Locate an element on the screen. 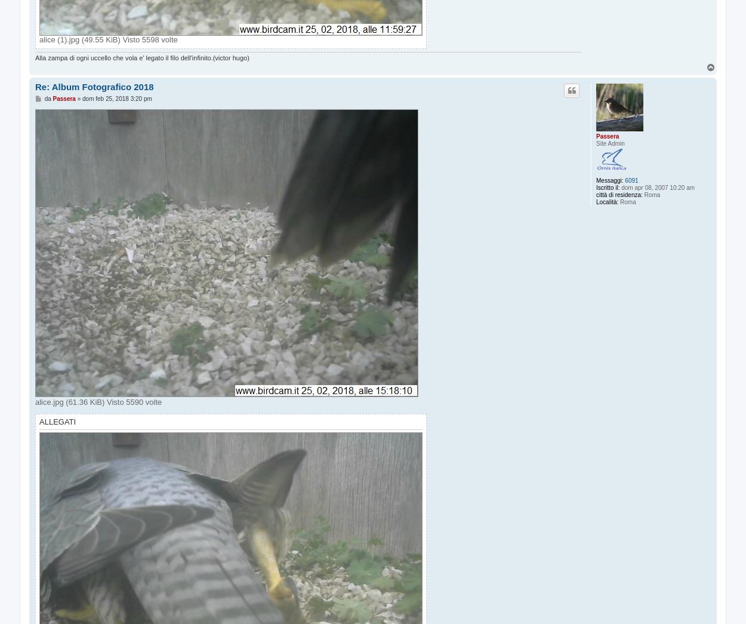 This screenshot has width=746, height=624. 'da' is located at coordinates (44, 97).